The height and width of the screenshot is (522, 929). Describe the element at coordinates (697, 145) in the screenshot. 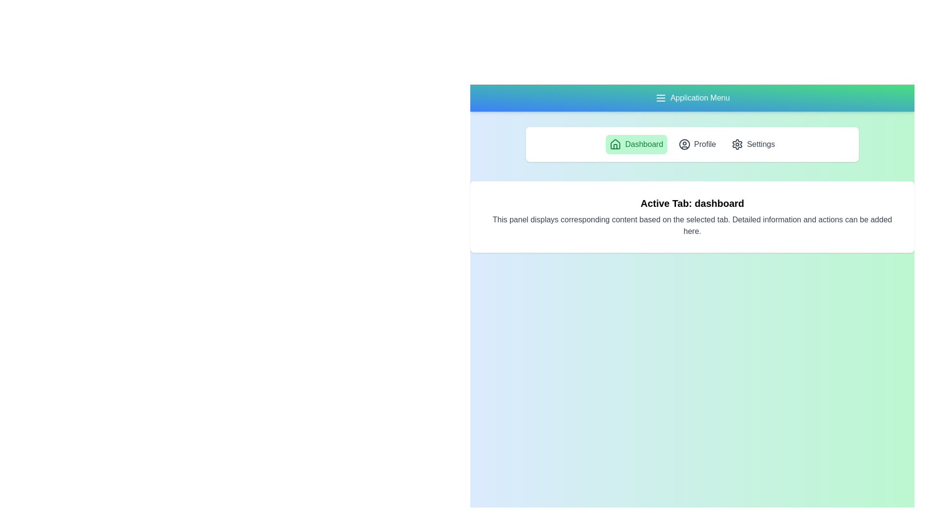

I see `the tab button corresponding to Profile to switch to that tab` at that location.